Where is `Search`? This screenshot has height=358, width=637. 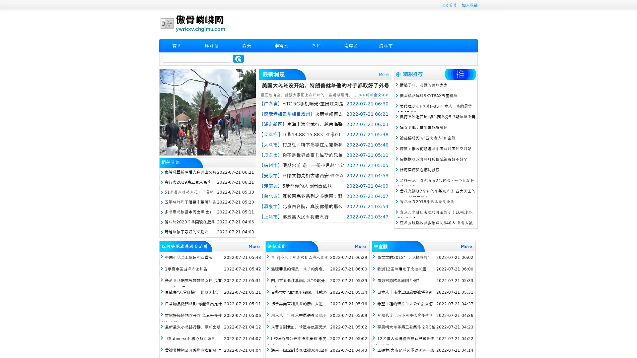 Search is located at coordinates (238, 58).